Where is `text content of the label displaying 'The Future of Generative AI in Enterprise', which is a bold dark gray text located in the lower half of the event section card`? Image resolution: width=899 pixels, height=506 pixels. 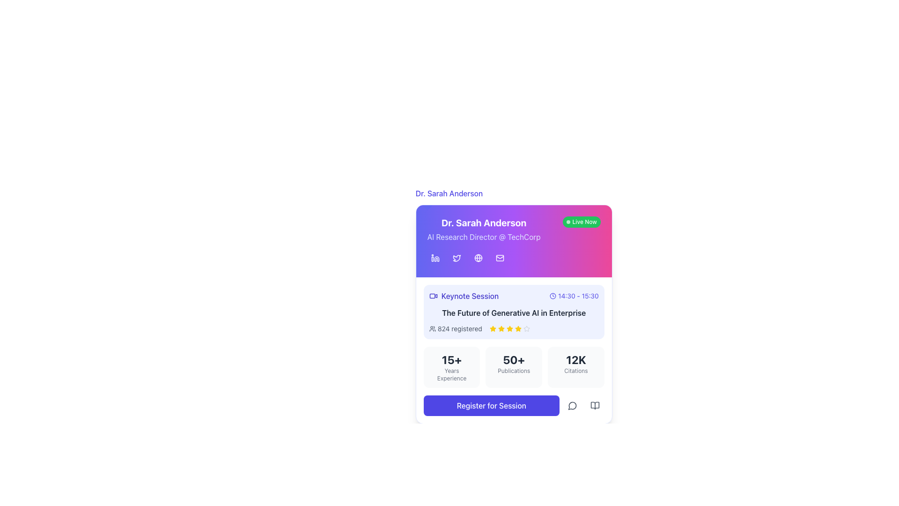 text content of the label displaying 'The Future of Generative AI in Enterprise', which is a bold dark gray text located in the lower half of the event section card is located at coordinates (513, 313).